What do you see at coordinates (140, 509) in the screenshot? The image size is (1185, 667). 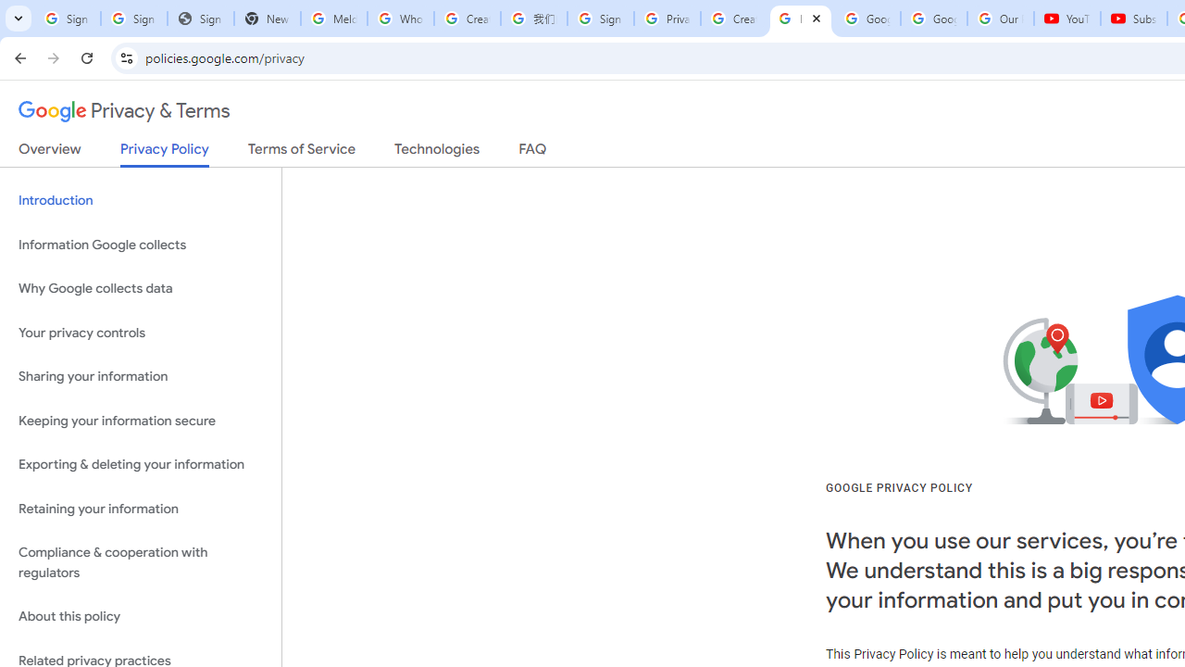 I see `'Retaining your information'` at bounding box center [140, 509].